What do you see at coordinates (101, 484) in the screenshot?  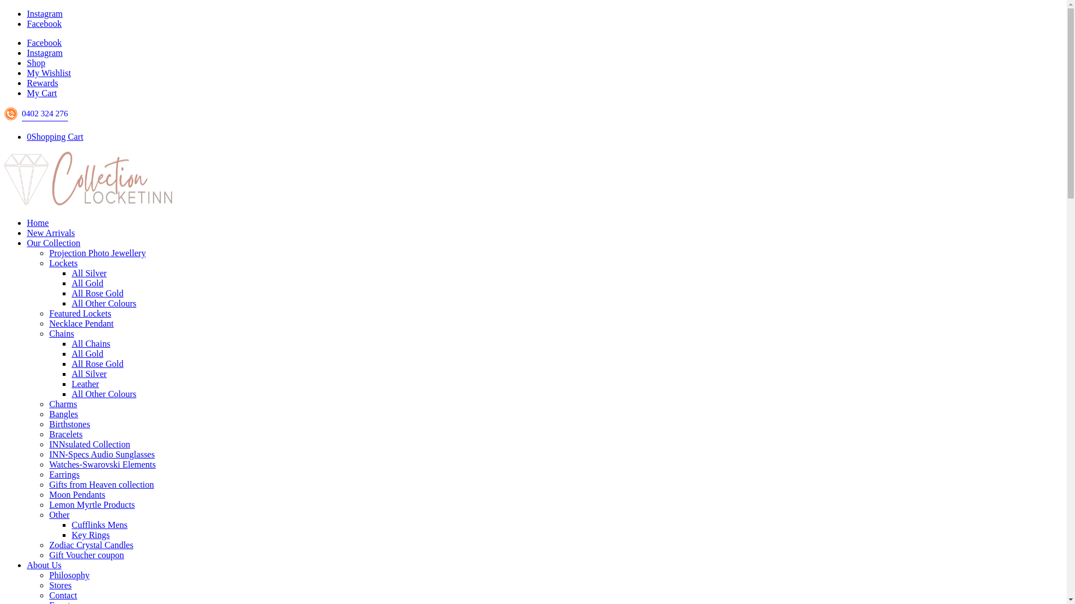 I see `'Gifts from Heaven collection'` at bounding box center [101, 484].